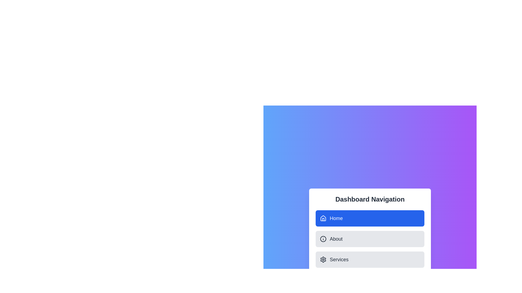  What do you see at coordinates (370, 259) in the screenshot?
I see `the 'Services' button located in the vertical navigation menu, which is the third item in a list of five` at bounding box center [370, 259].